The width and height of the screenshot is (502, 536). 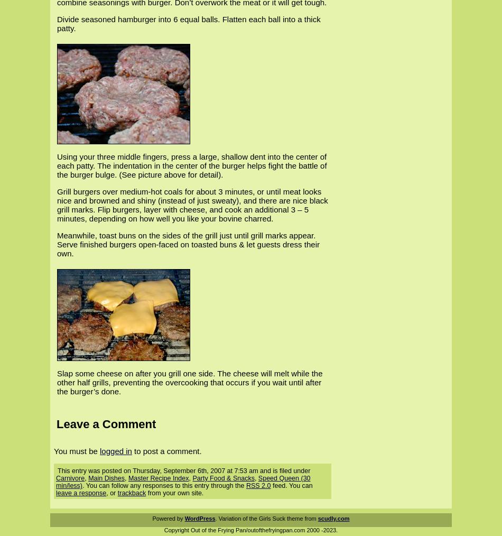 I want to click on 'Powered by', so click(x=168, y=519).